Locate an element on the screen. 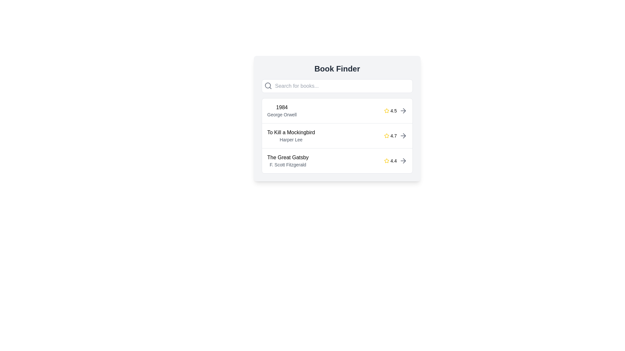  the text label displaying 'Harper Lee', which is styled in a smaller gray font and positioned beneath 'To Kill a Mockingbird' is located at coordinates (291, 139).